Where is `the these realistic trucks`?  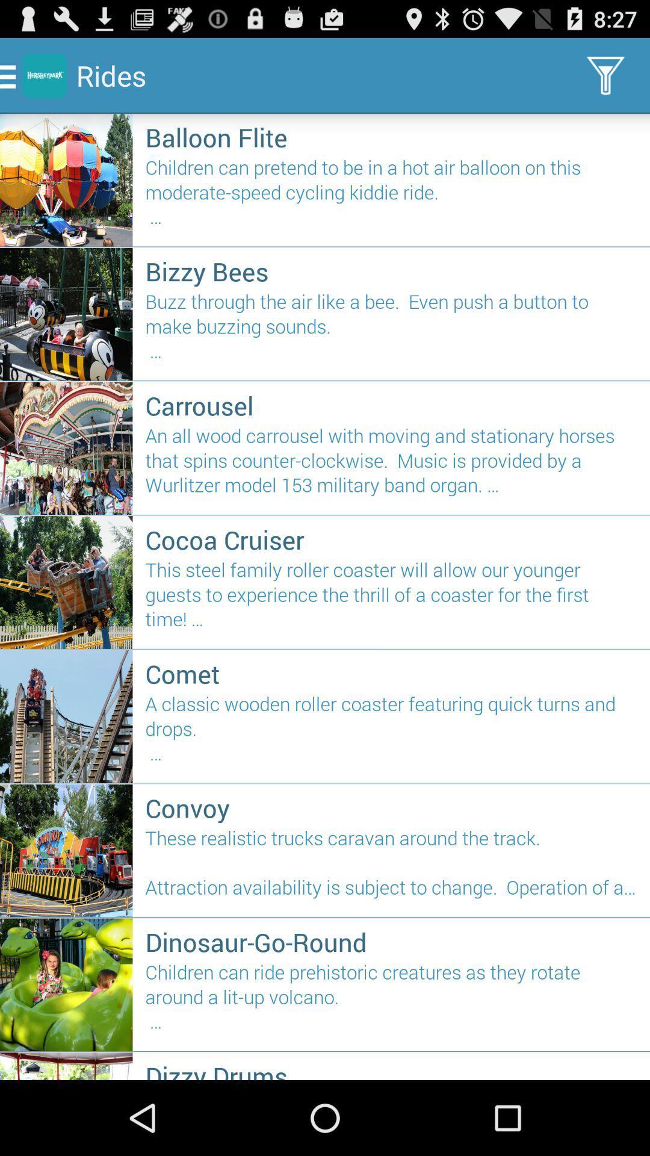 the these realistic trucks is located at coordinates (391, 868).